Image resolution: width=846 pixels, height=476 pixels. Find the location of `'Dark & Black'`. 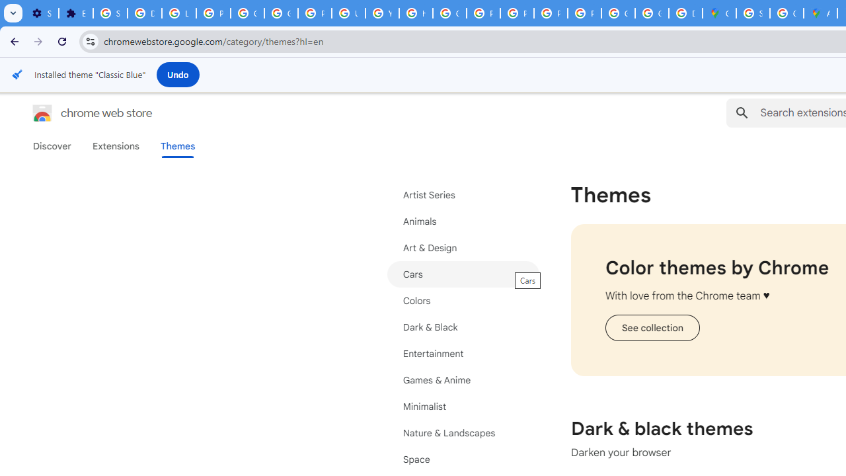

'Dark & Black' is located at coordinates (463, 327).